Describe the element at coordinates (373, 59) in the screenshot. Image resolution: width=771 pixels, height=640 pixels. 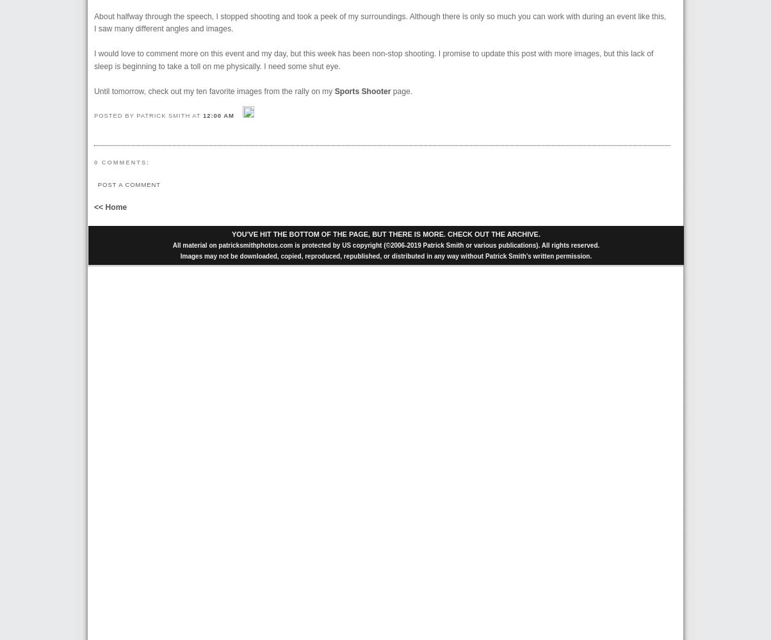
I see `'I would love to comment more on this event and my day, but this week has been non-stop  shooting. I promise to update this post with more images, but this lack of sleep is beginning to take a toll on me physically. I need some shut eye.'` at that location.